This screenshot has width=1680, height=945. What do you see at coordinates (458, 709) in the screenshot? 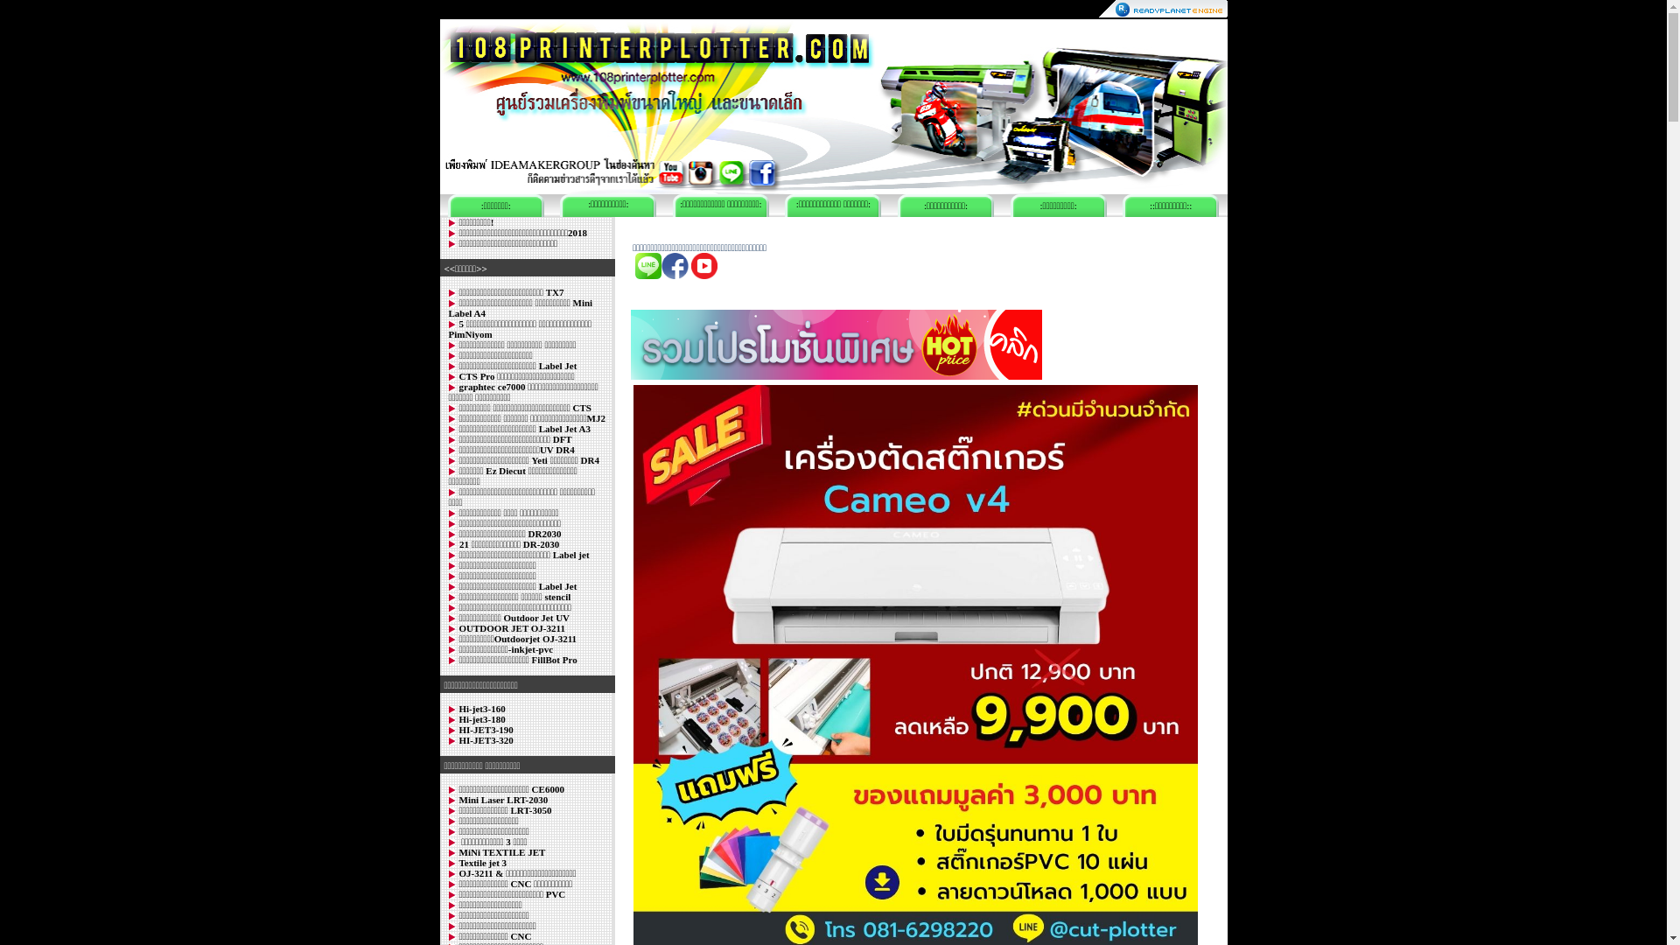
I see `'Hi-jet3-160'` at bounding box center [458, 709].